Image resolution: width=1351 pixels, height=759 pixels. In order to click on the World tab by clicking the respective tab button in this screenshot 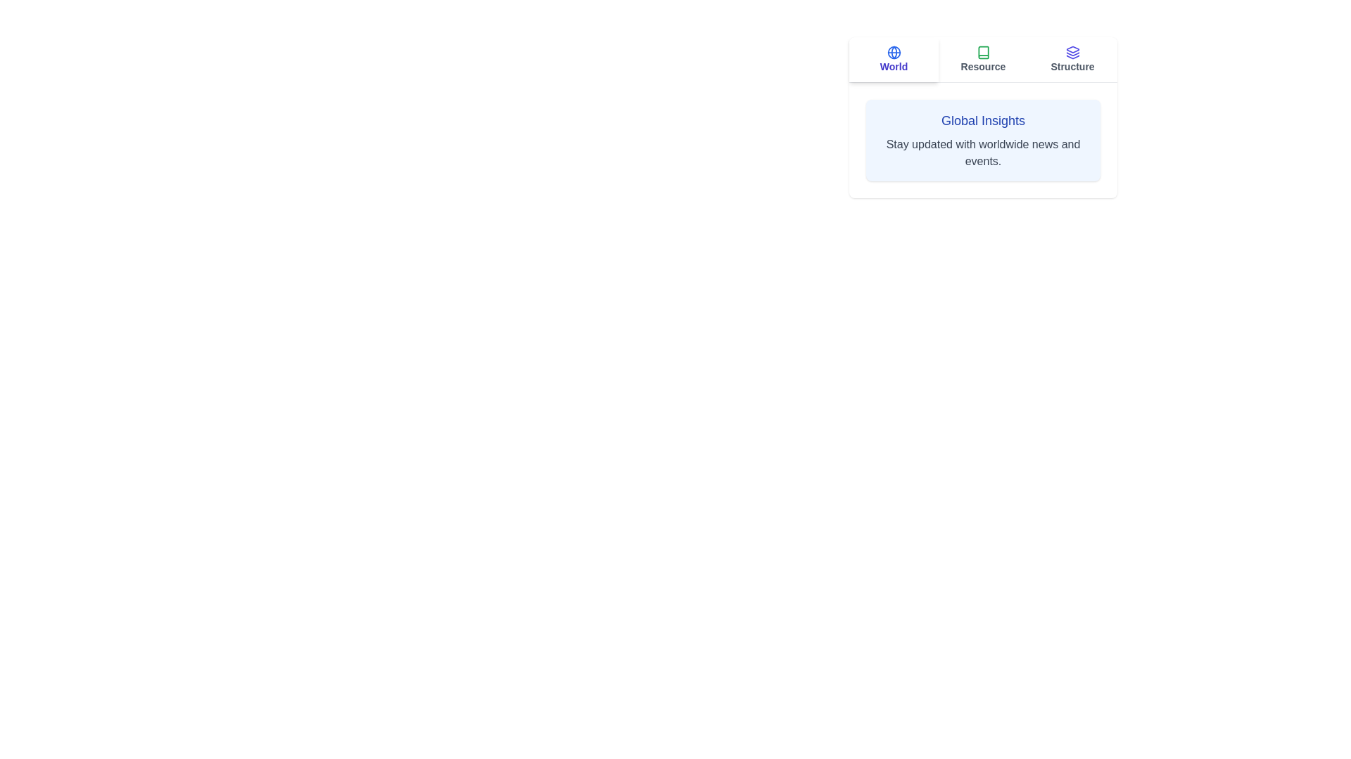, I will do `click(893, 58)`.